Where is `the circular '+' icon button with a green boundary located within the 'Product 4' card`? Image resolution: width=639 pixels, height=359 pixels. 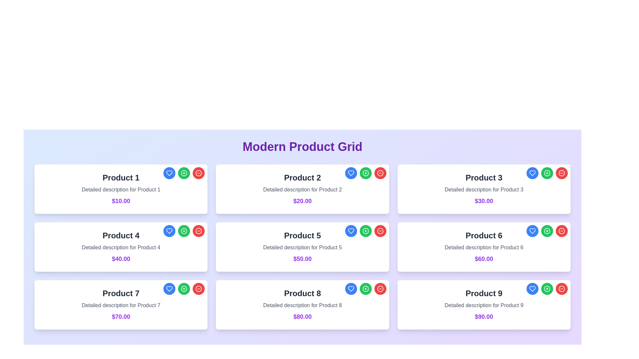 the circular '+' icon button with a green boundary located within the 'Product 4' card is located at coordinates (184, 230).